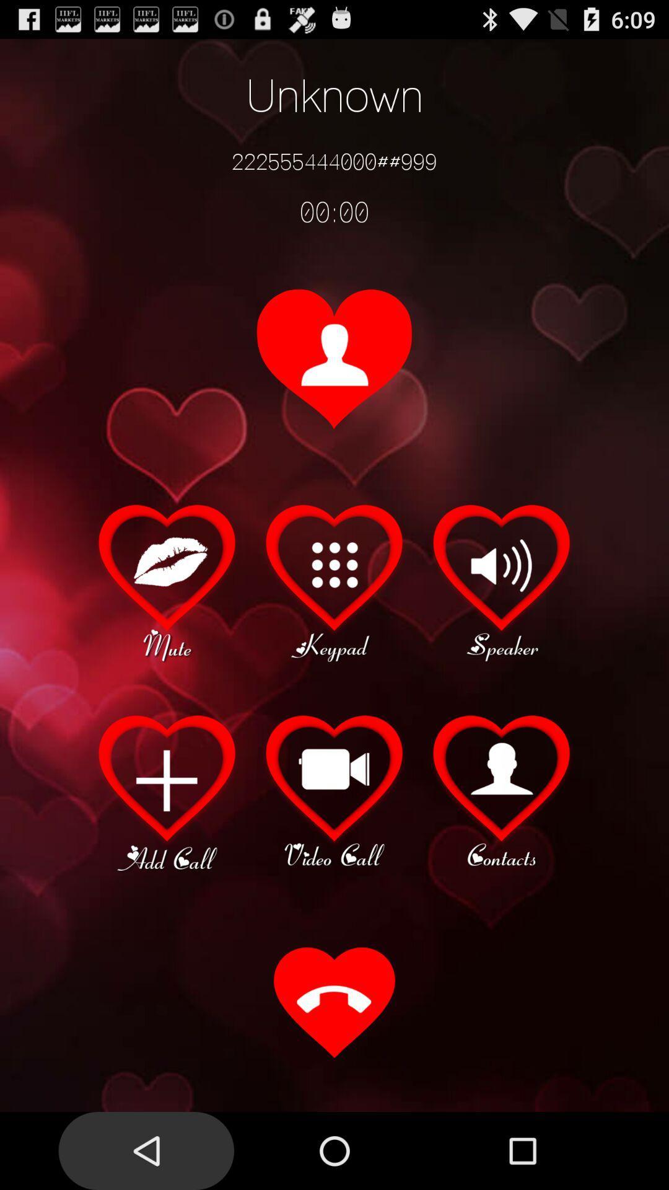 The height and width of the screenshot is (1190, 669). Describe the element at coordinates (334, 1004) in the screenshot. I see `call disconnect` at that location.